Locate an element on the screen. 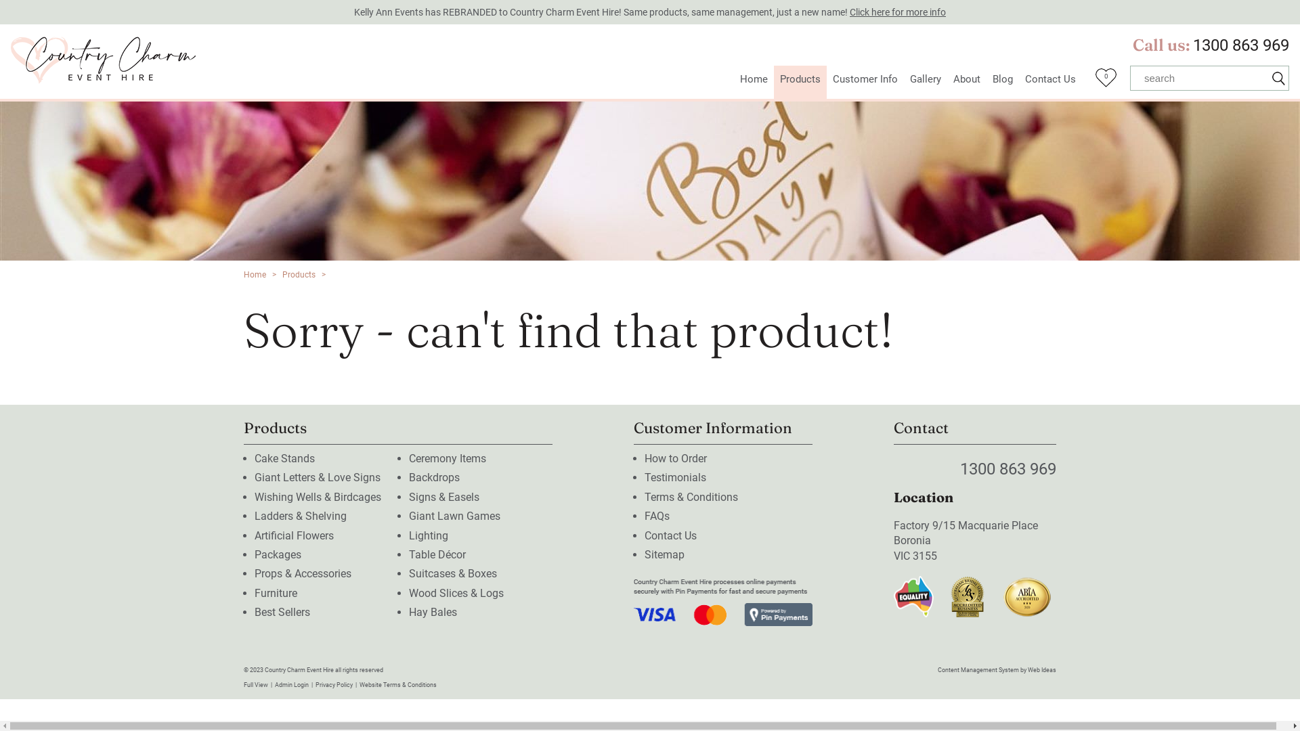 This screenshot has height=731, width=1300. 'Click here for more info' is located at coordinates (897, 12).